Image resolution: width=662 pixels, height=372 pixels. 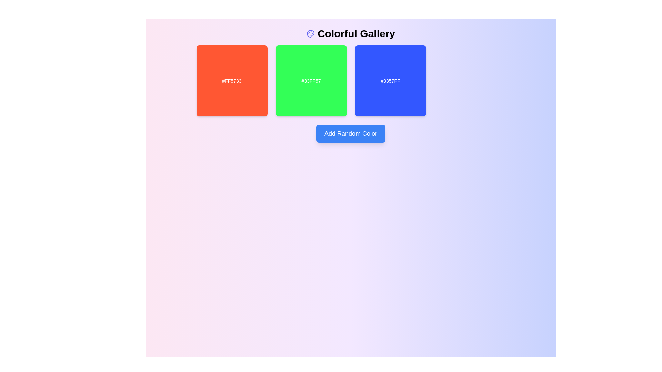 I want to click on the text heading labeled 'Colorful Gallery' which is styled with a bold and large font size and has a small purple color palette icon on its left, so click(x=351, y=33).